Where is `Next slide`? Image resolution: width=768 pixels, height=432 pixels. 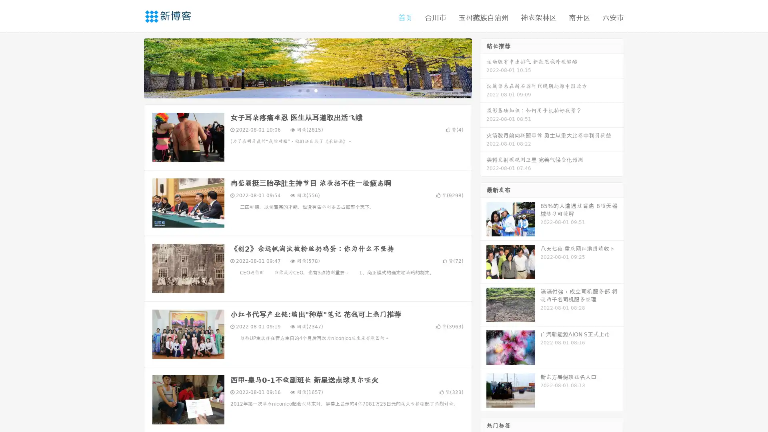 Next slide is located at coordinates (483, 67).